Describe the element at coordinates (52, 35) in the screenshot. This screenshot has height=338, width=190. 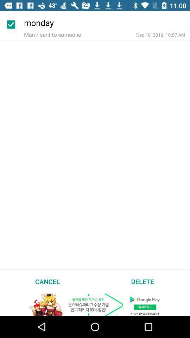
I see `icon to the left of the dec 18 2016` at that location.